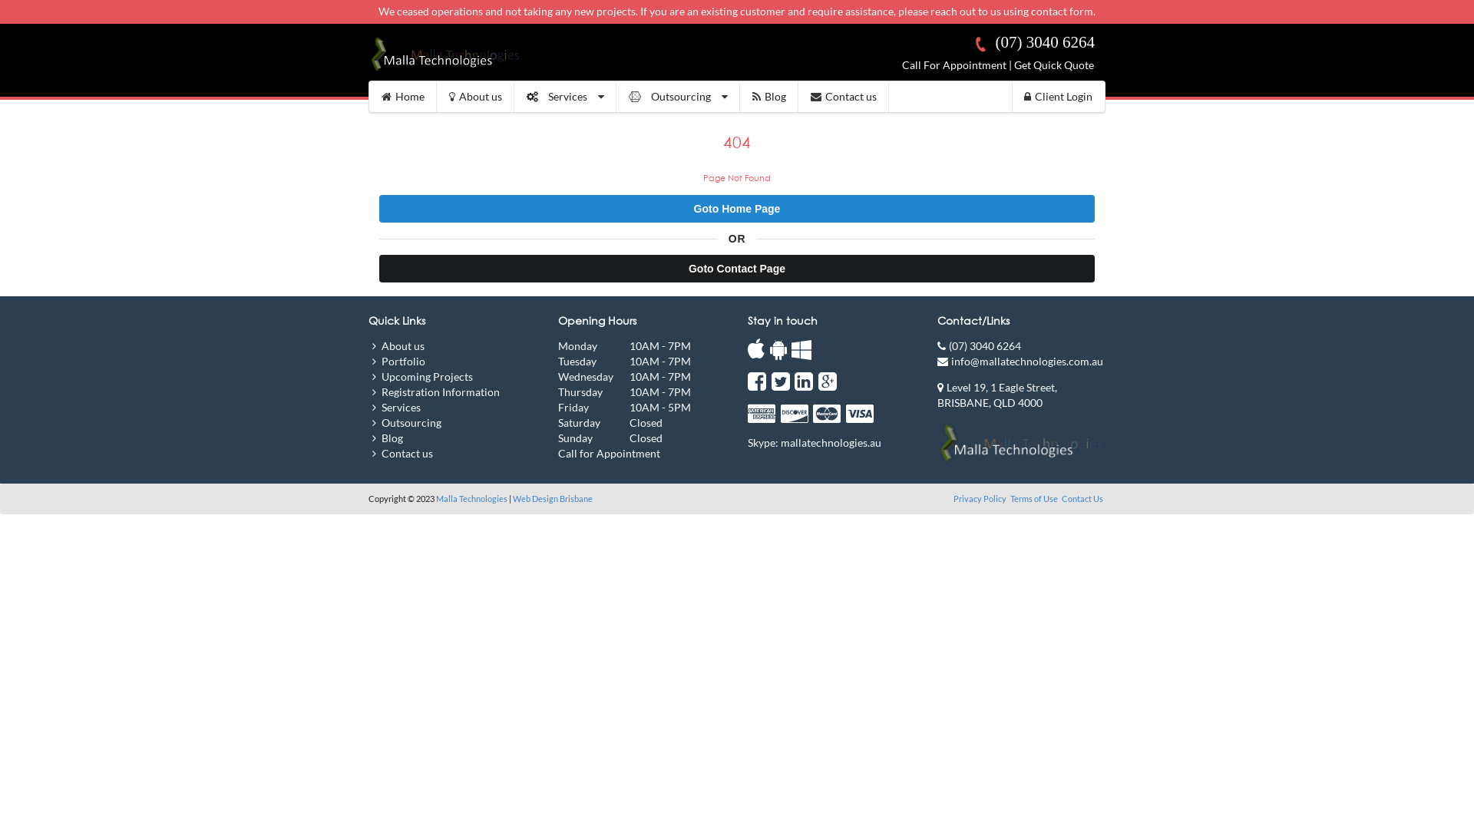  I want to click on 'Terms of Use', so click(1010, 498).